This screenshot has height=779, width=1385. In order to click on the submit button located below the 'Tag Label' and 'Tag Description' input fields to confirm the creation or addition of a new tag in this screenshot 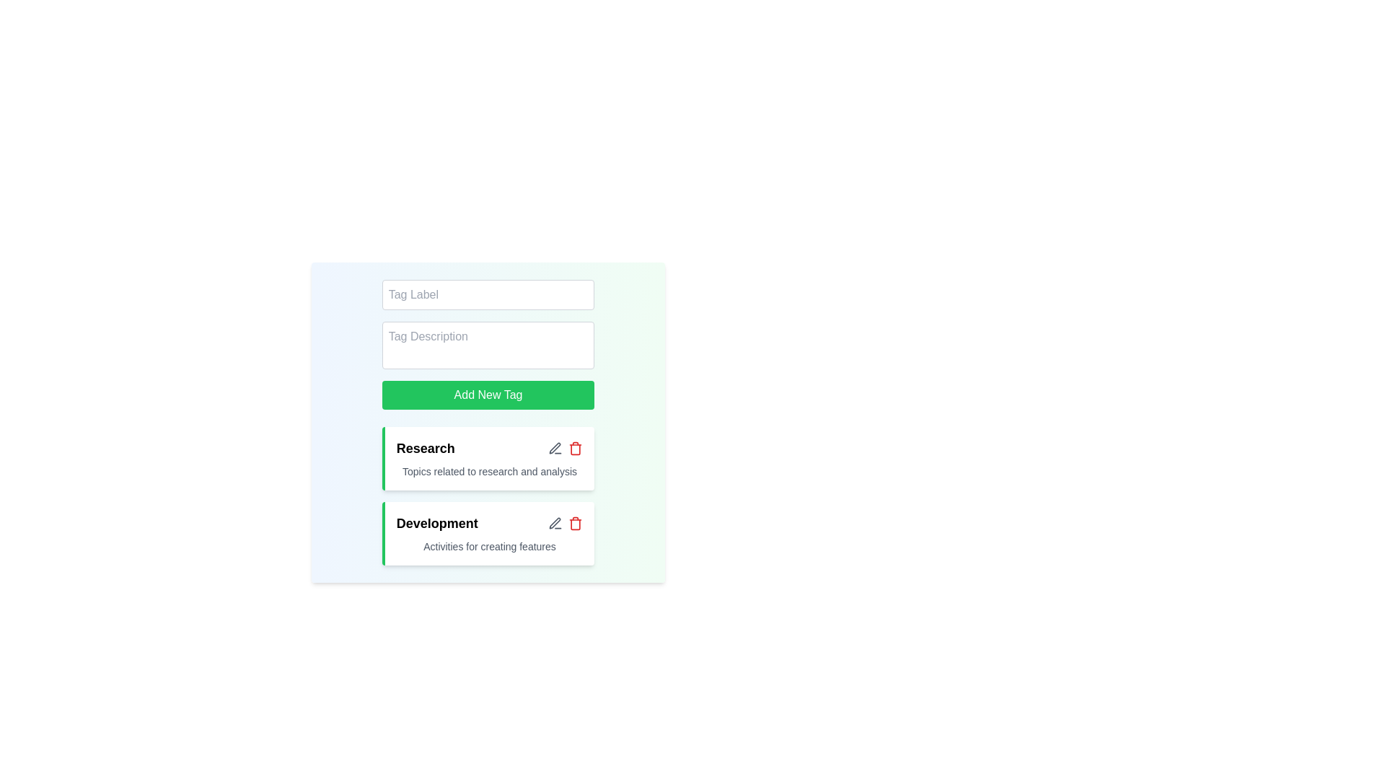, I will do `click(488, 395)`.